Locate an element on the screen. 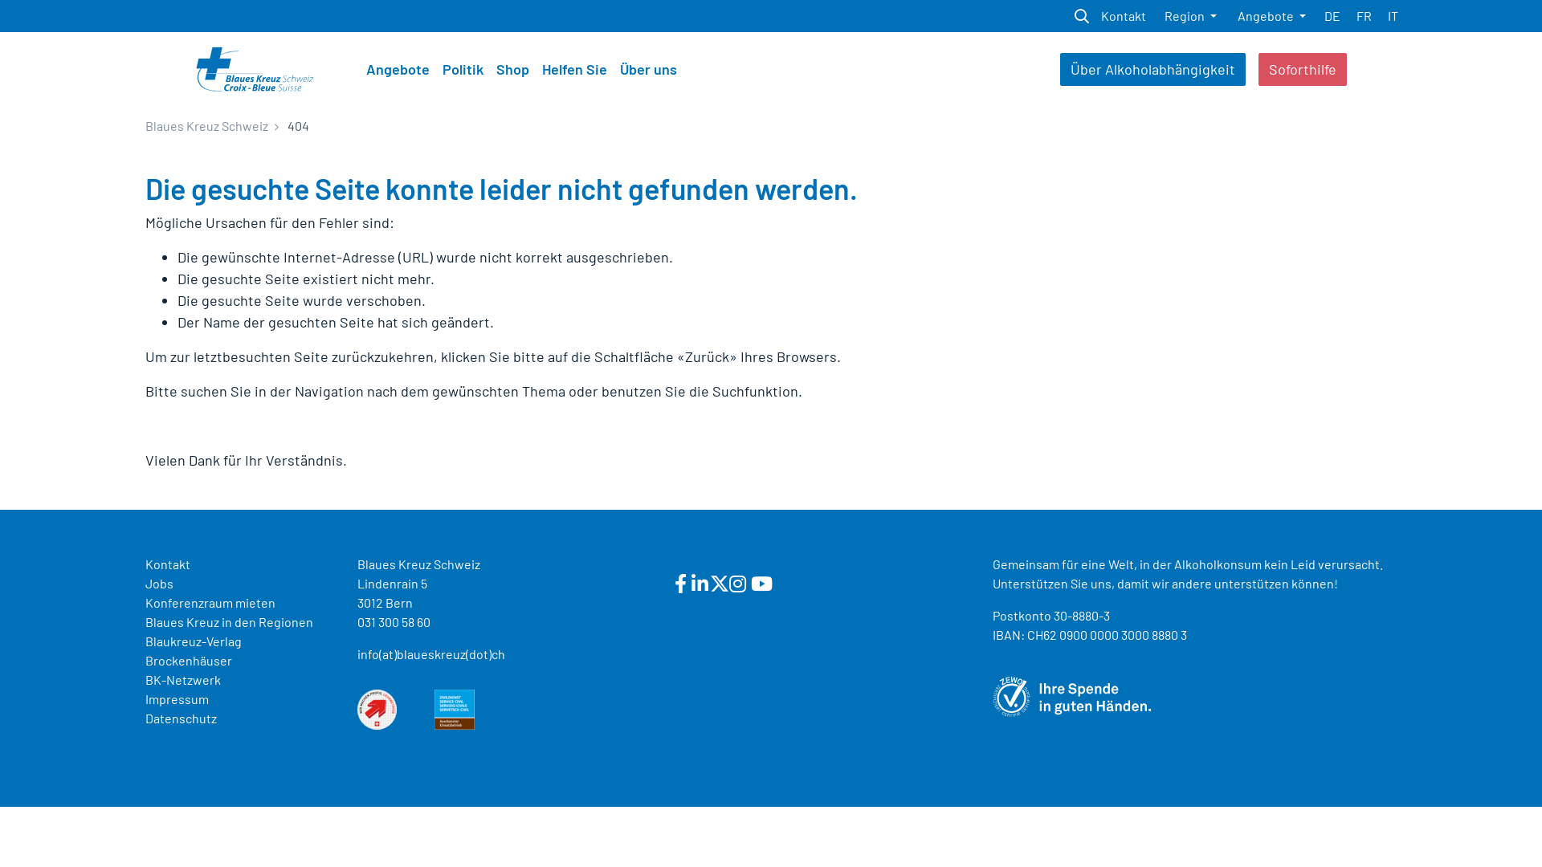  'Postkonto 30-8880-3 is located at coordinates (1090, 624).